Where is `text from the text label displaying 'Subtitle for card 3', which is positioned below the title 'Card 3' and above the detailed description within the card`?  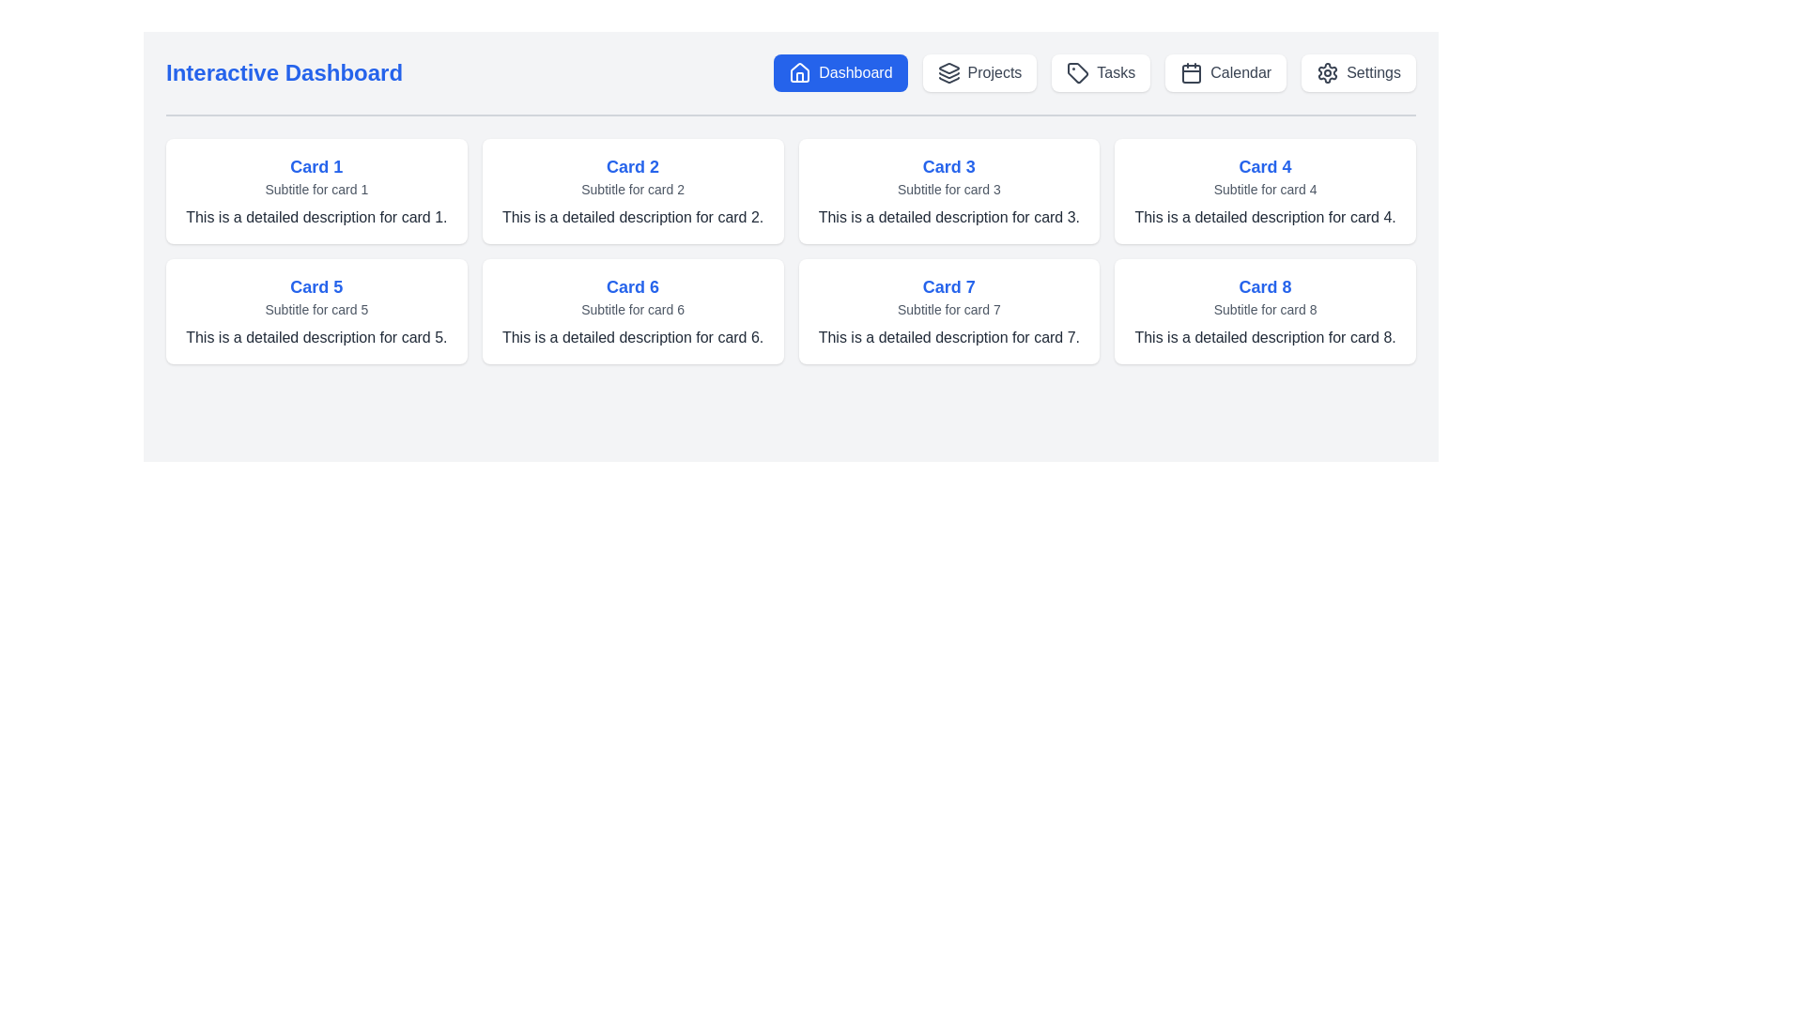
text from the text label displaying 'Subtitle for card 3', which is positioned below the title 'Card 3' and above the detailed description within the card is located at coordinates (948, 189).